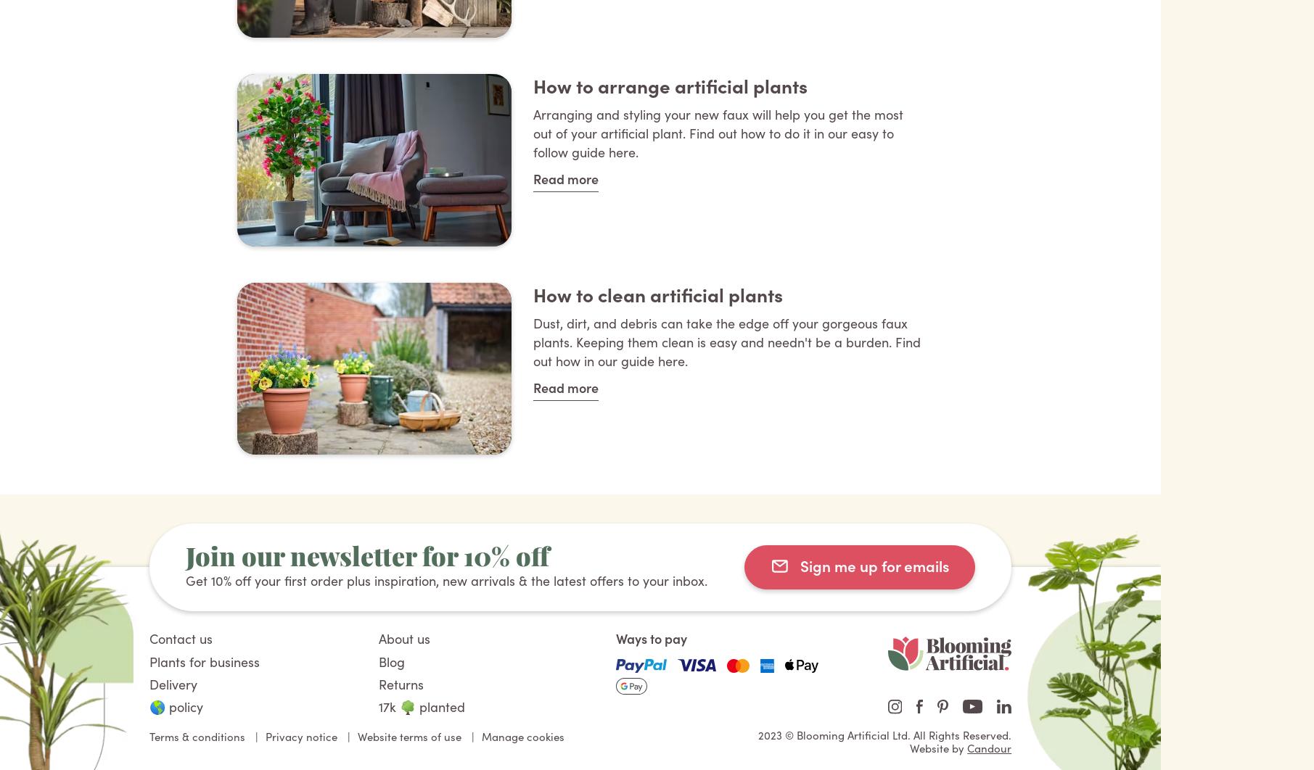  I want to click on 'Candour', so click(988, 747).